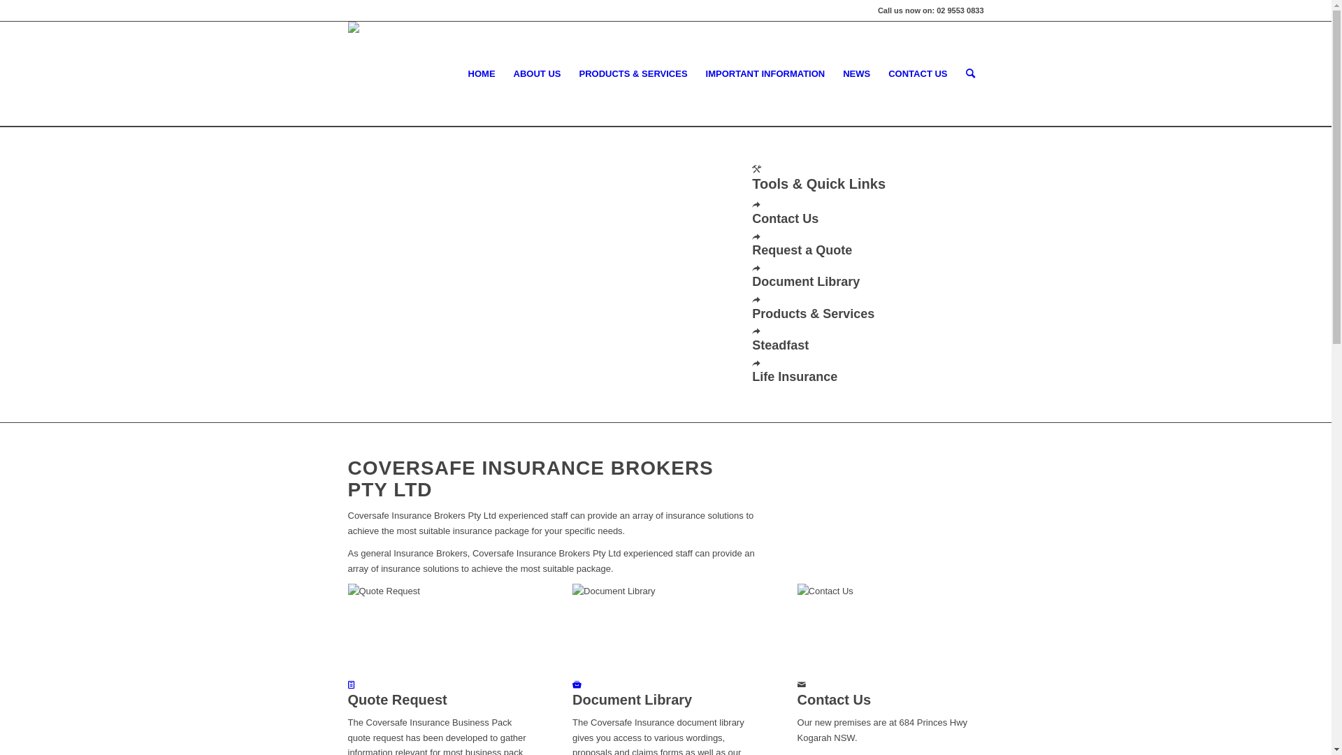 This screenshot has height=755, width=1342. I want to click on 'HOME', so click(482, 73).